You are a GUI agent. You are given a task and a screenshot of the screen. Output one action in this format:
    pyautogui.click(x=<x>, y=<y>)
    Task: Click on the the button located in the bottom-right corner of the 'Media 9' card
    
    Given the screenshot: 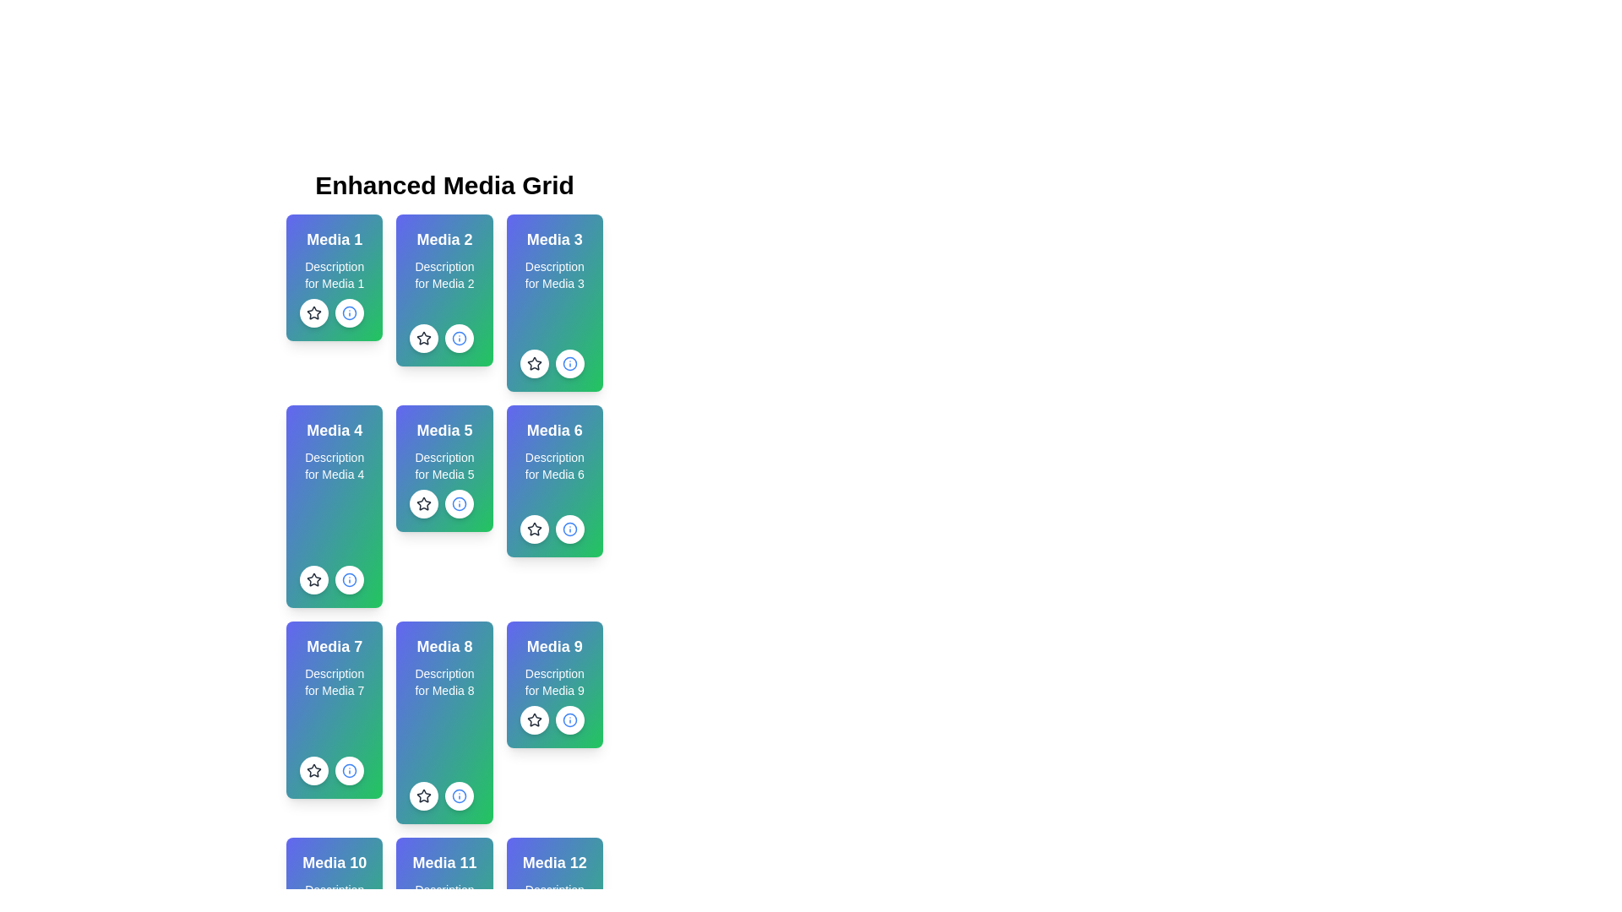 What is the action you would take?
    pyautogui.click(x=569, y=719)
    